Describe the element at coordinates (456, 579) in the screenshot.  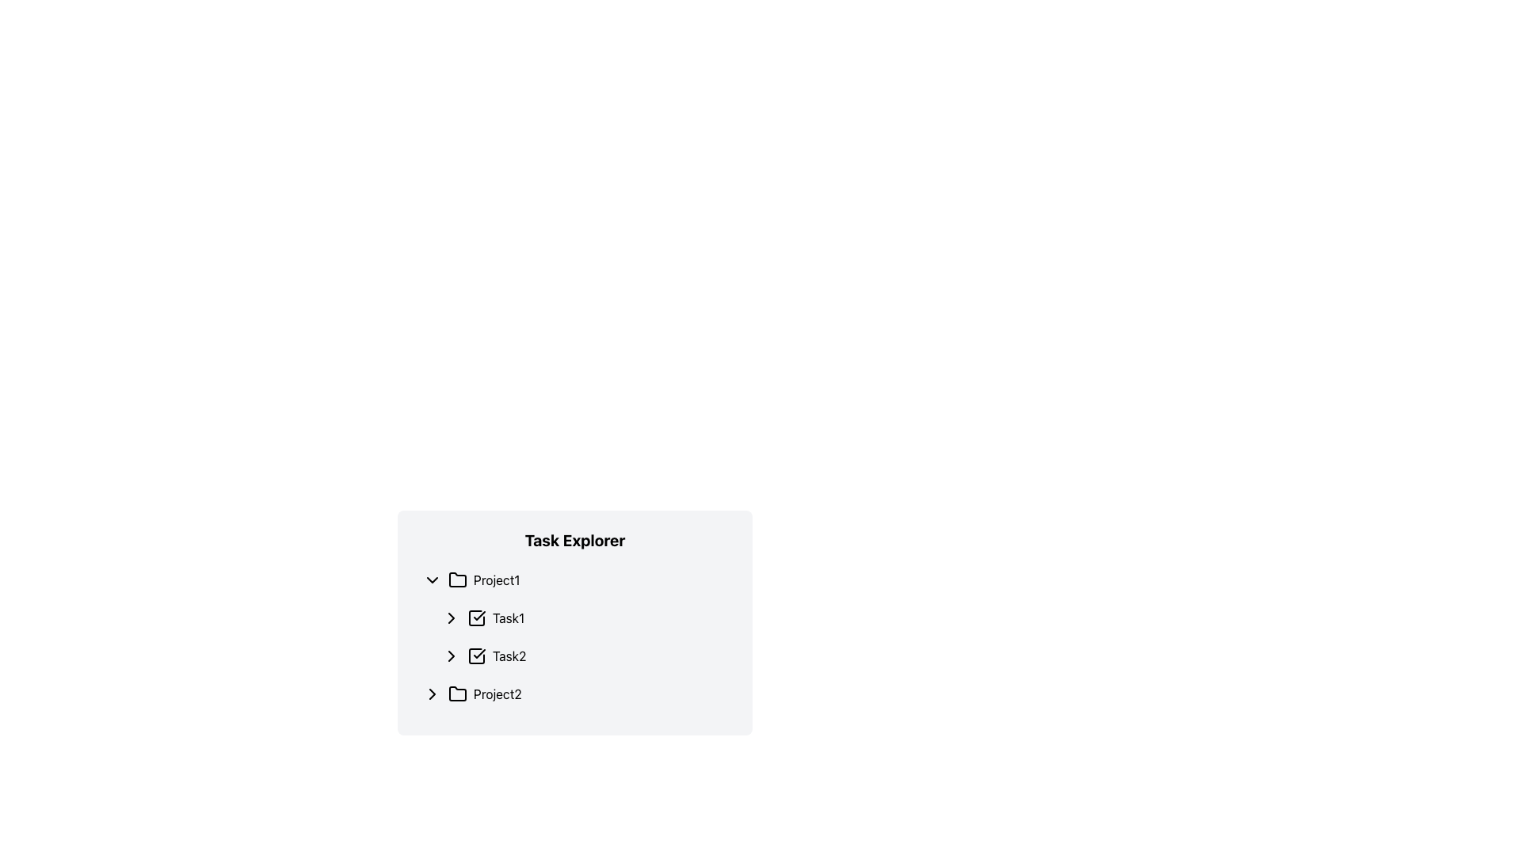
I see `the folder icon located to the left of the label 'Project1' in the task explorer` at that location.